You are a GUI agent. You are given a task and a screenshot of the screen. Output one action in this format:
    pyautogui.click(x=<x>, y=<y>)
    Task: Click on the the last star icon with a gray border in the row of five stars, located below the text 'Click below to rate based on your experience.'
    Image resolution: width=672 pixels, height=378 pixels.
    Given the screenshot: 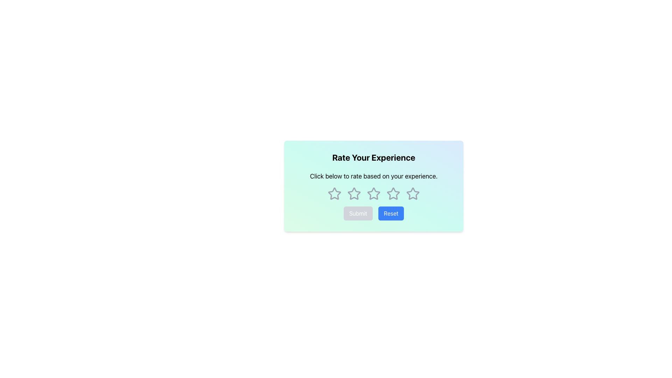 What is the action you would take?
    pyautogui.click(x=413, y=194)
    